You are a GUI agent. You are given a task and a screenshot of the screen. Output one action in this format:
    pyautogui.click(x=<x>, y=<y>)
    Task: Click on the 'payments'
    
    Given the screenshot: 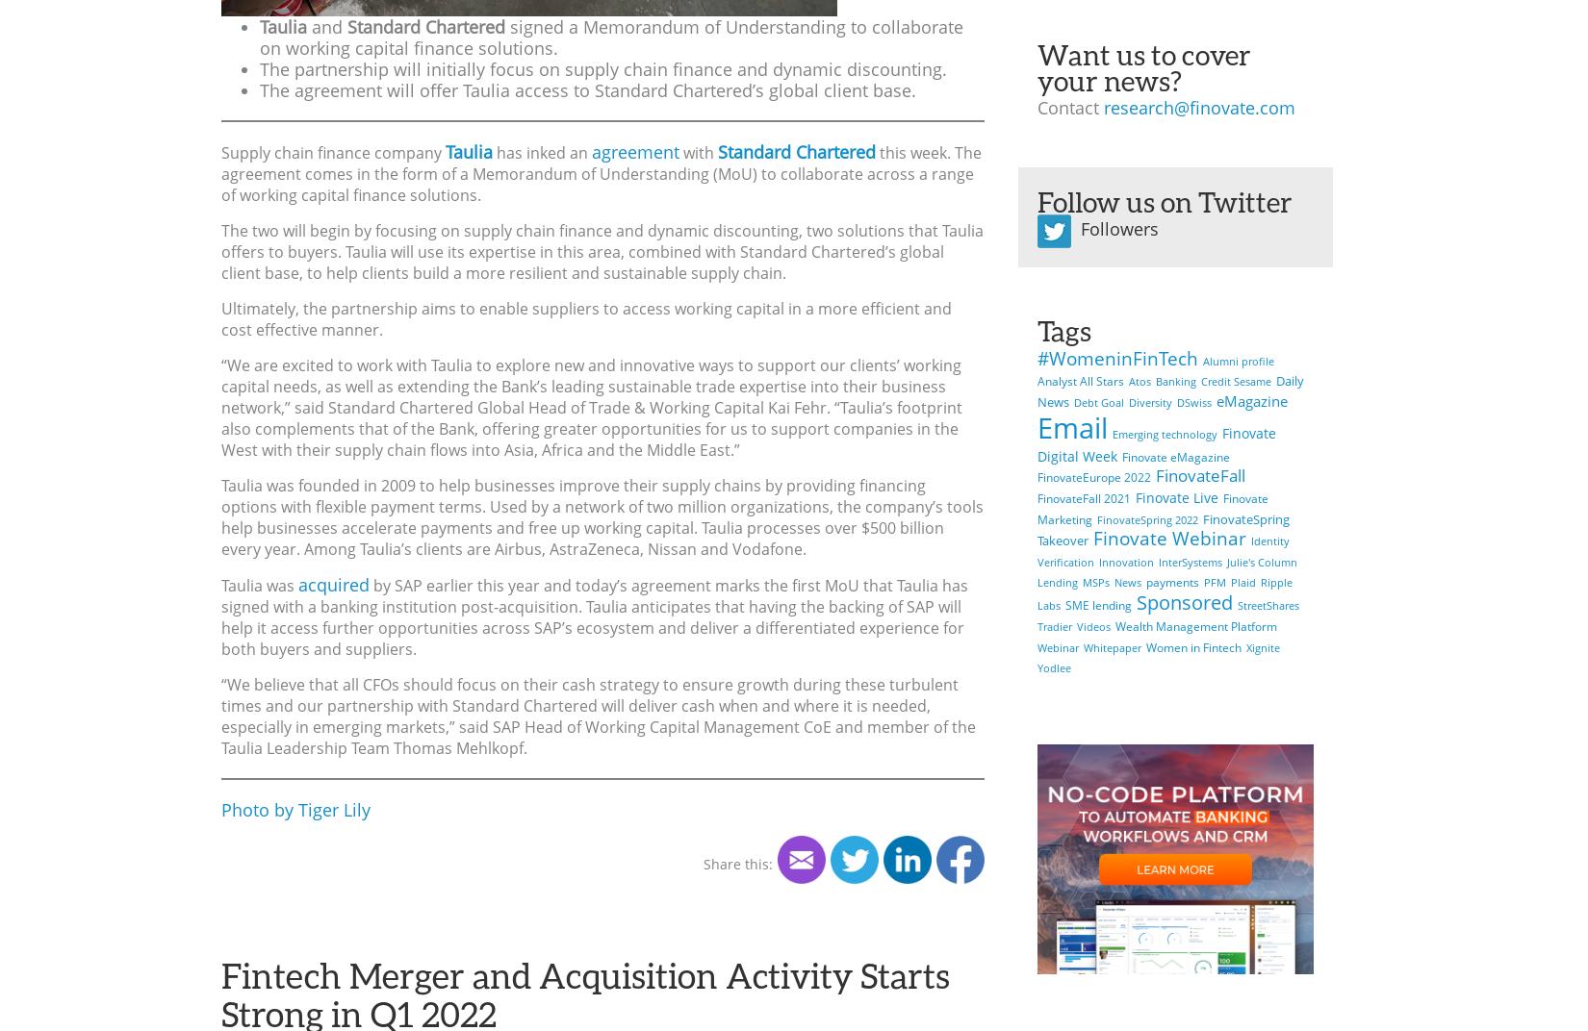 What is the action you would take?
    pyautogui.click(x=1172, y=582)
    